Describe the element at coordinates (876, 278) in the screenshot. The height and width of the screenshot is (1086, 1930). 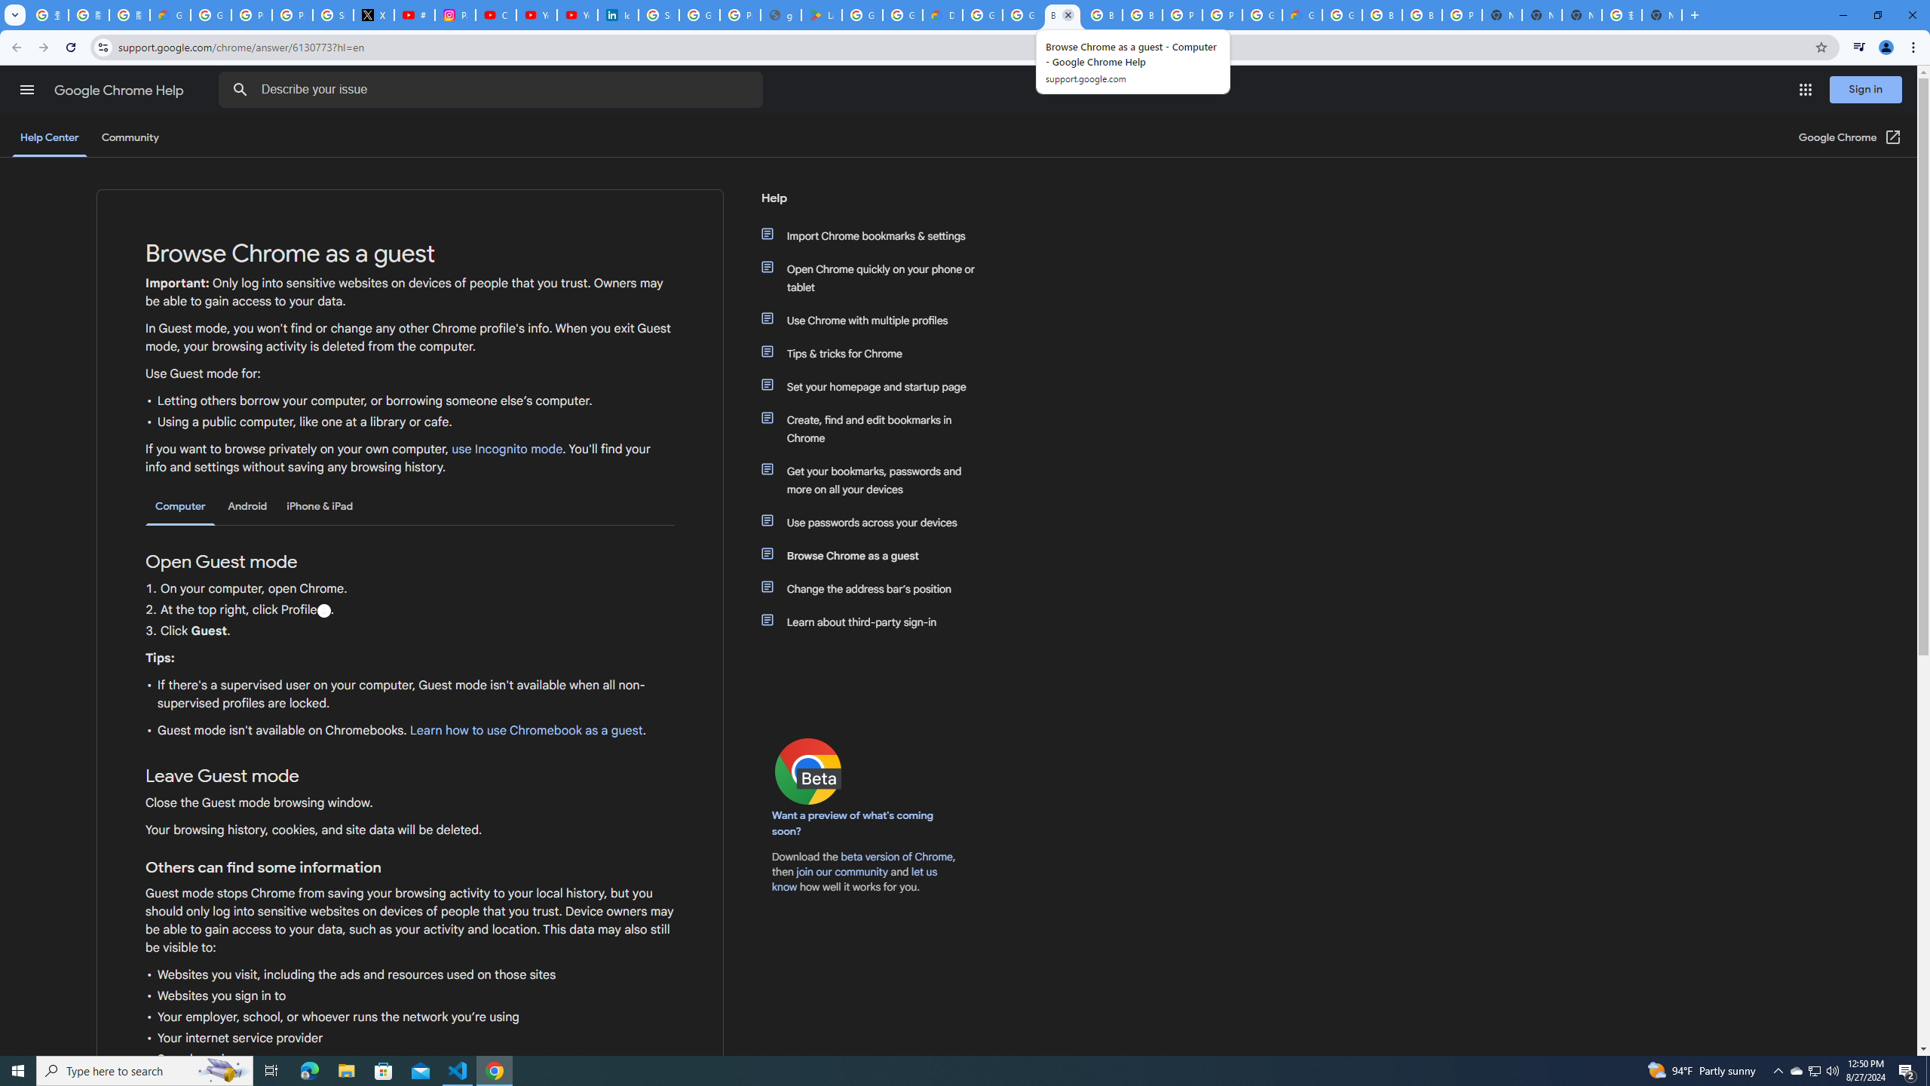
I see `'Open Chrome quickly on your phone or tablet'` at that location.